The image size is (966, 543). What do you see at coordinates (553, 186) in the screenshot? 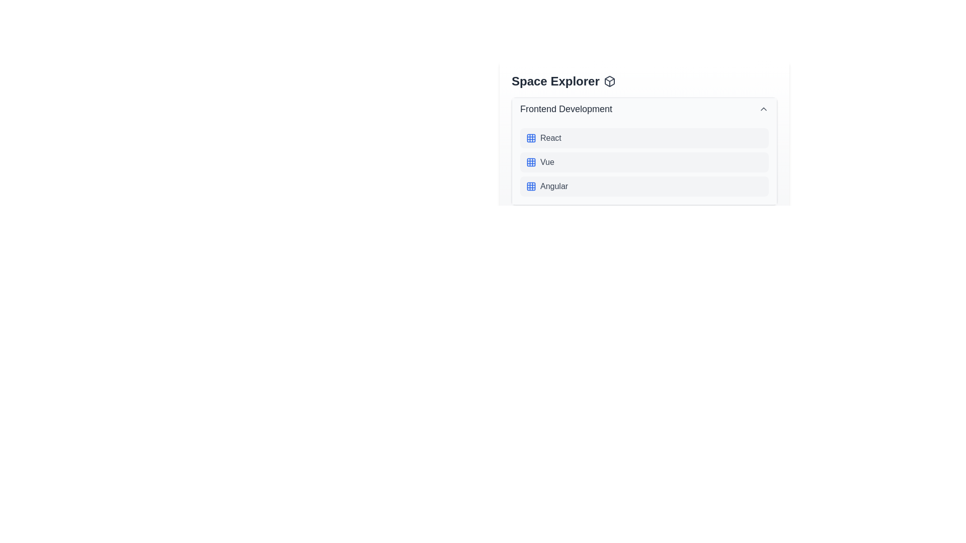
I see `text label indicating 'Angular' located in the third row of the list under 'Frontend Development'` at bounding box center [553, 186].